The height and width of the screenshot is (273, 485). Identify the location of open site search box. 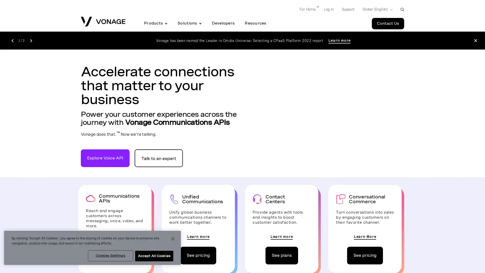
(402, 9).